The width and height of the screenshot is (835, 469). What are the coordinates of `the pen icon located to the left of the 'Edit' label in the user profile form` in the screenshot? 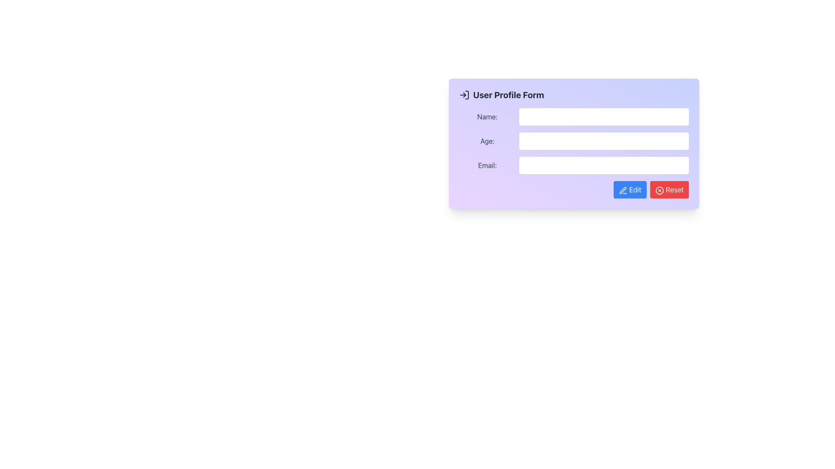 It's located at (622, 190).